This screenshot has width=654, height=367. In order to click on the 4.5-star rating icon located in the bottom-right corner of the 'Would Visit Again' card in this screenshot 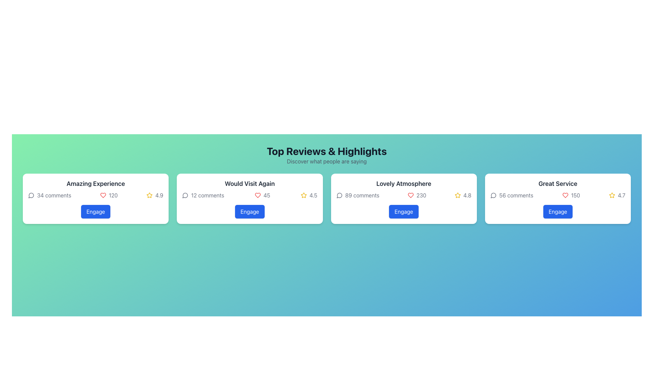, I will do `click(303, 195)`.